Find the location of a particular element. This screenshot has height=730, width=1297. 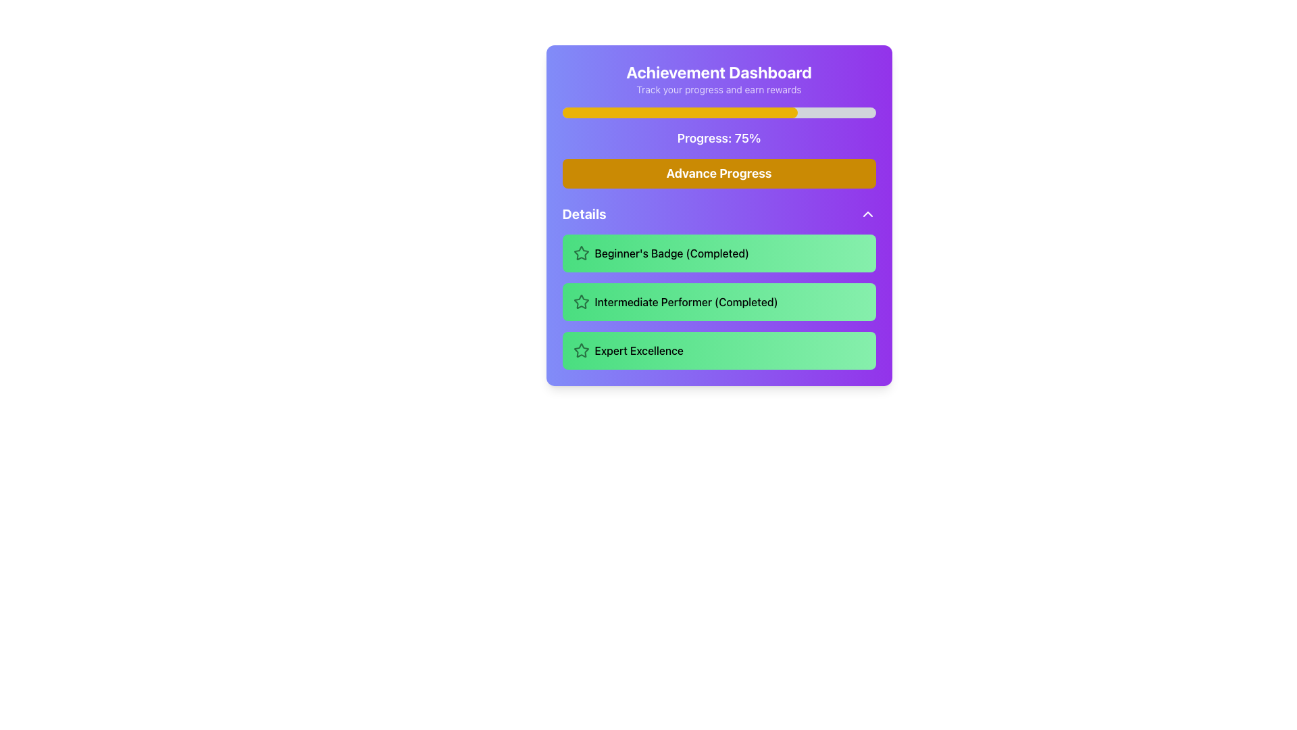

the third achievement badge labeled as 'Achievement Badge' in the Details section, which is identified by its green gradient background and its position below 'Beginner's Badge' and 'Intermediate Performer' is located at coordinates (718, 350).